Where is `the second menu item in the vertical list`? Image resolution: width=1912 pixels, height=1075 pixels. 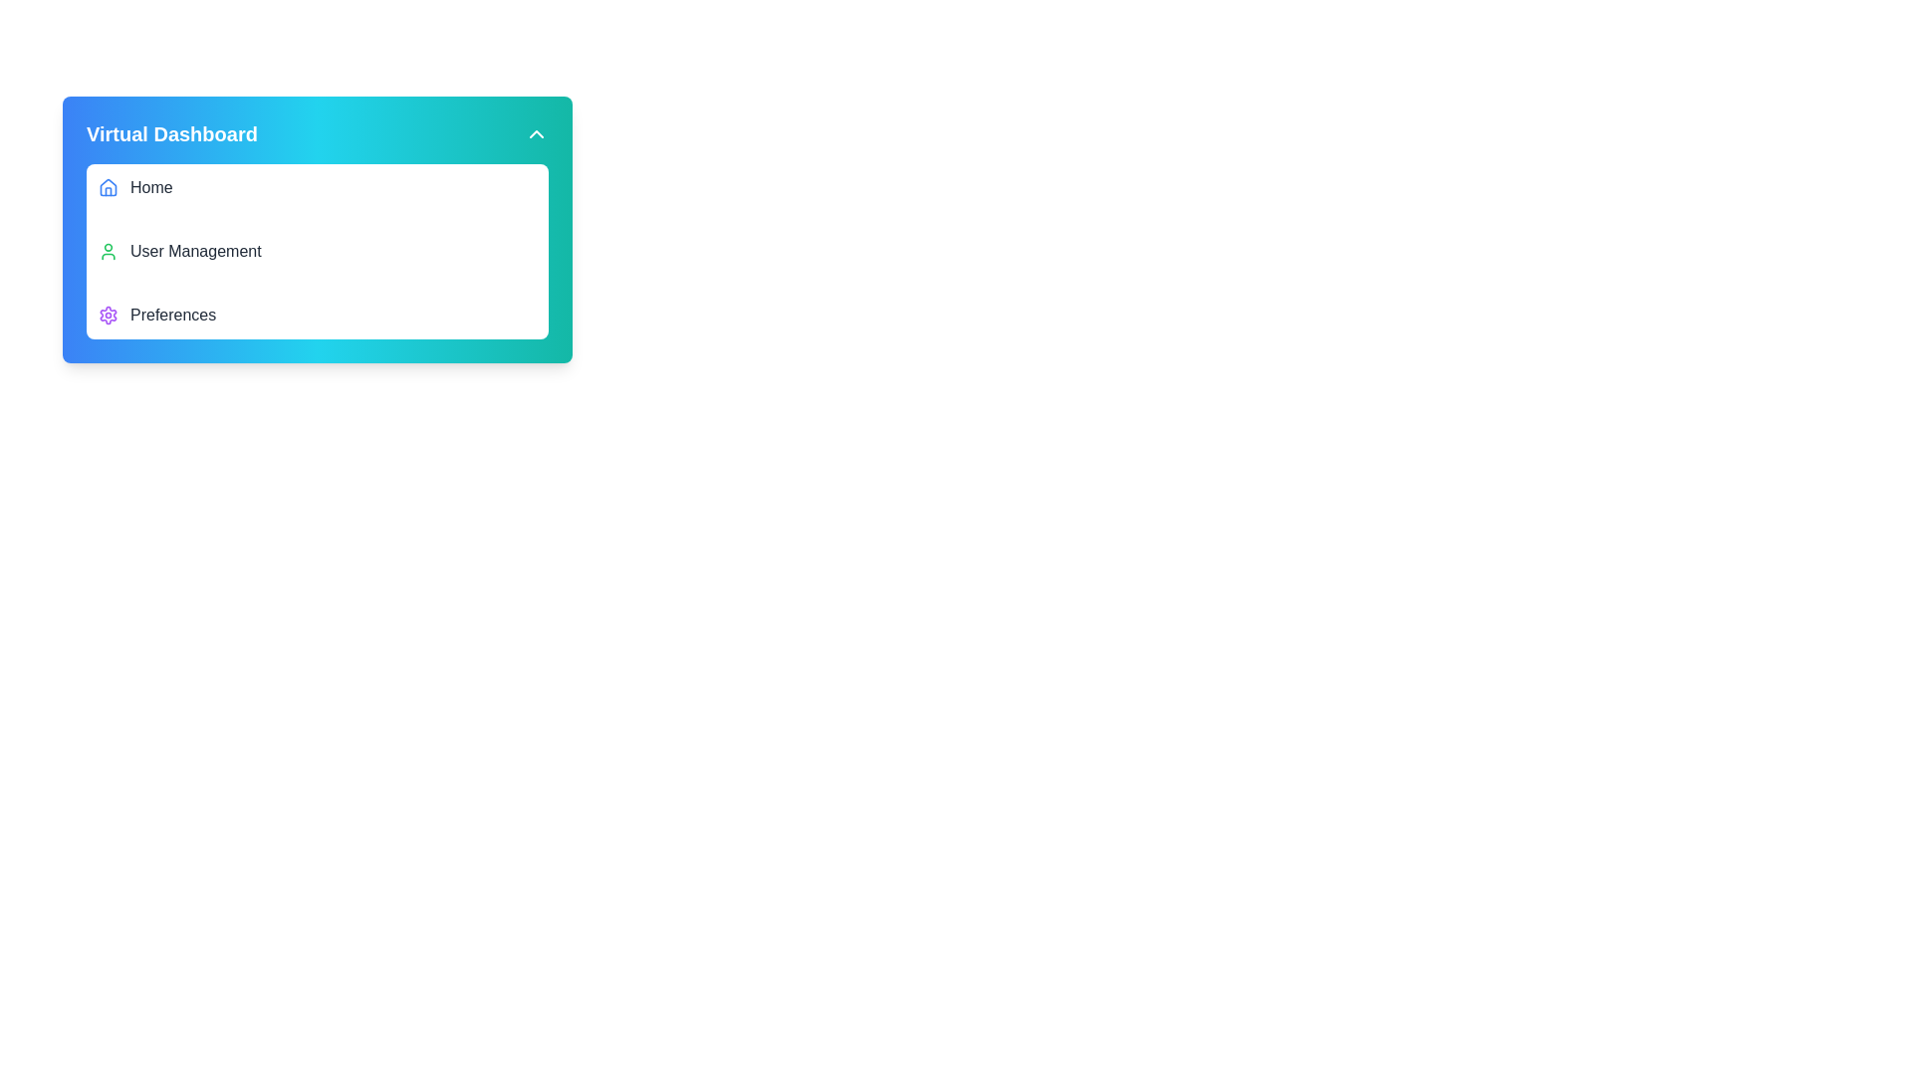
the second menu item in the vertical list is located at coordinates (316, 251).